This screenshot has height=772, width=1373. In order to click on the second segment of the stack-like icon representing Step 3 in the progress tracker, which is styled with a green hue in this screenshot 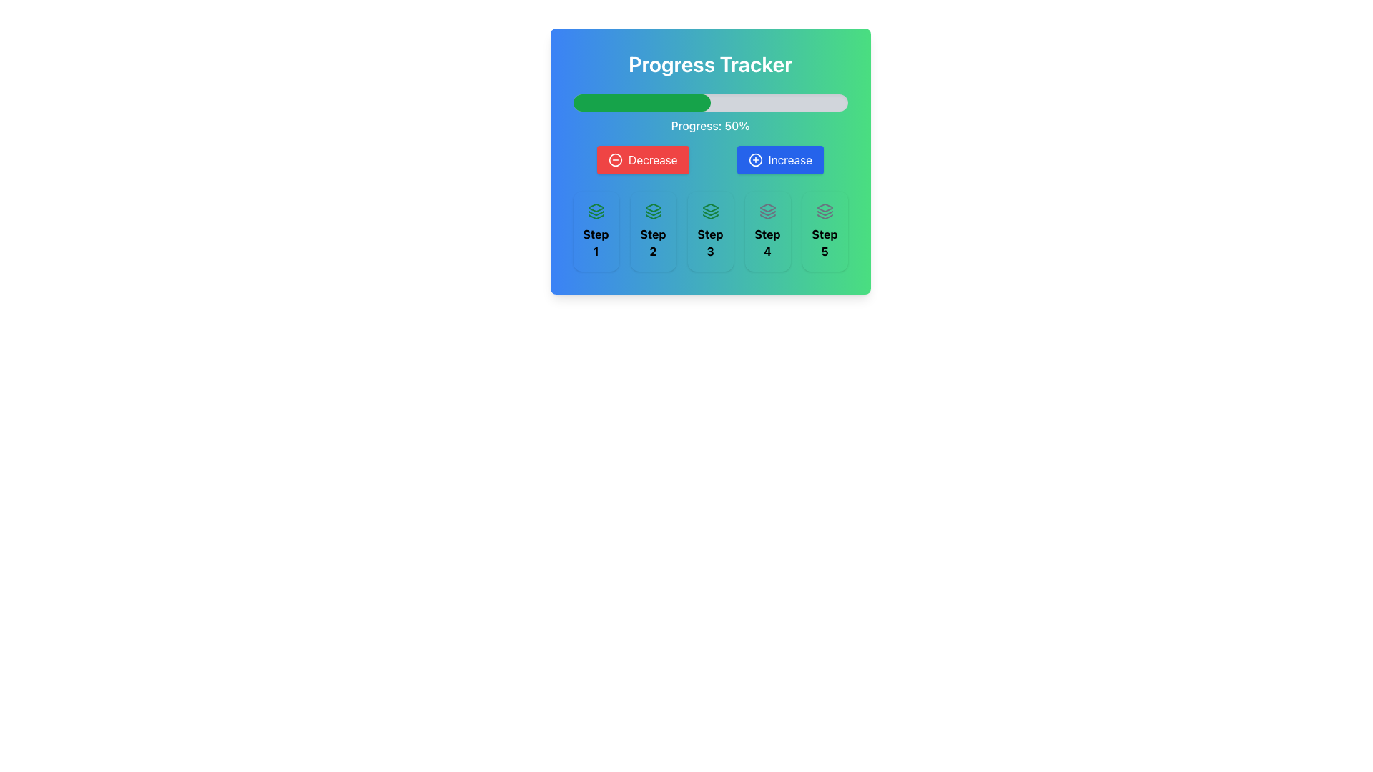, I will do `click(710, 213)`.